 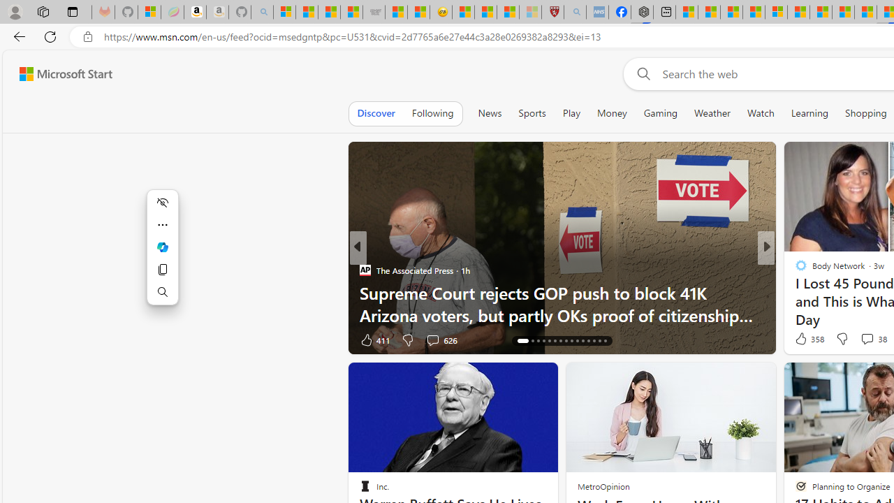 I want to click on 'Moneywise', so click(x=795, y=270).